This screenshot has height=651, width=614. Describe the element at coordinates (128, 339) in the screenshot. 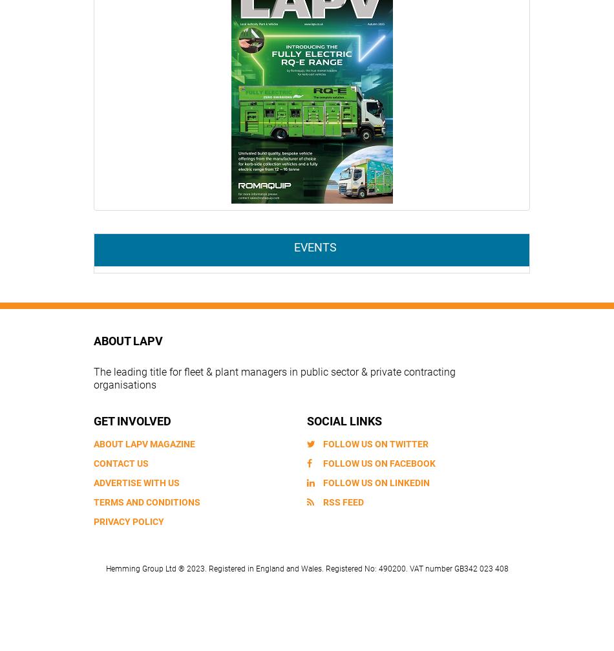

I see `'ABOUT LAPV'` at that location.